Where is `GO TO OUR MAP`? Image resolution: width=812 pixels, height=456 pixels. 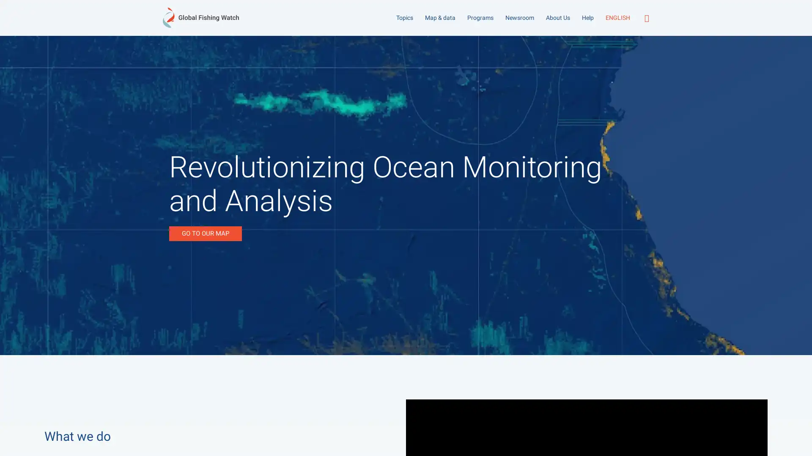 GO TO OUR MAP is located at coordinates (205, 233).